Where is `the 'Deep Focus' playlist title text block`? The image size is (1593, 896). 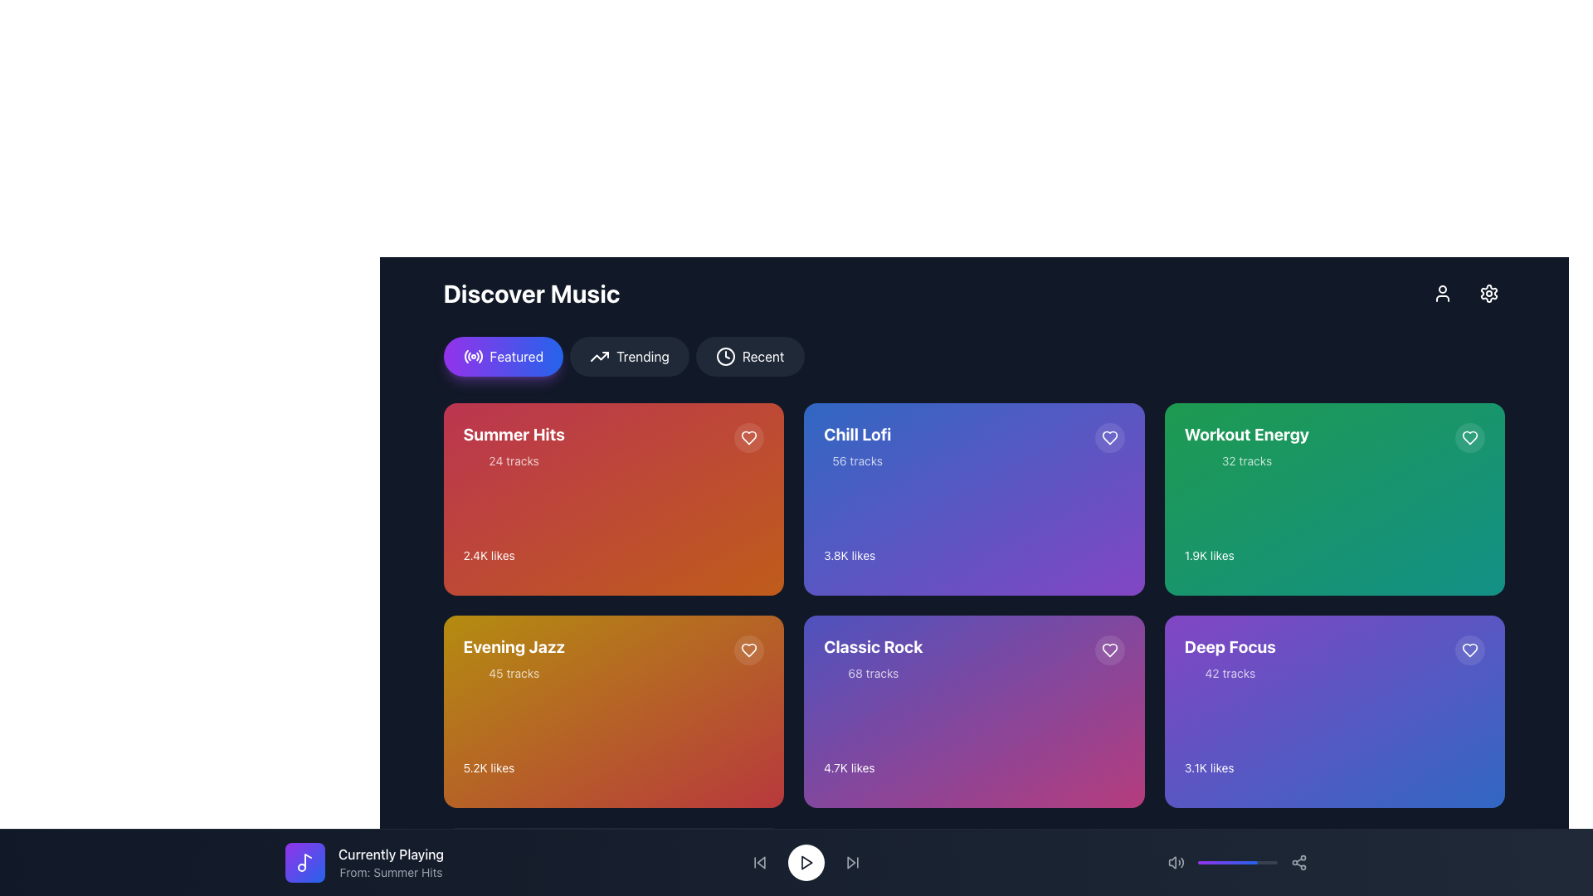 the 'Deep Focus' playlist title text block is located at coordinates (1230, 658).